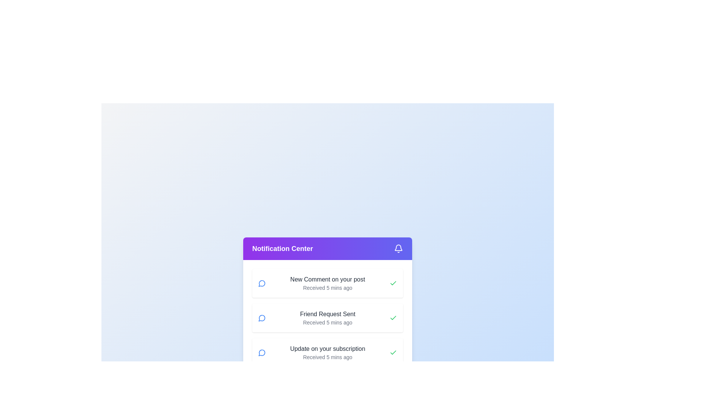 The width and height of the screenshot is (724, 407). Describe the element at coordinates (327, 322) in the screenshot. I see `the timestamp text label located beneath the 'Friend Request Sent' text in the second notification entry of the vertically stacked notification list` at that location.